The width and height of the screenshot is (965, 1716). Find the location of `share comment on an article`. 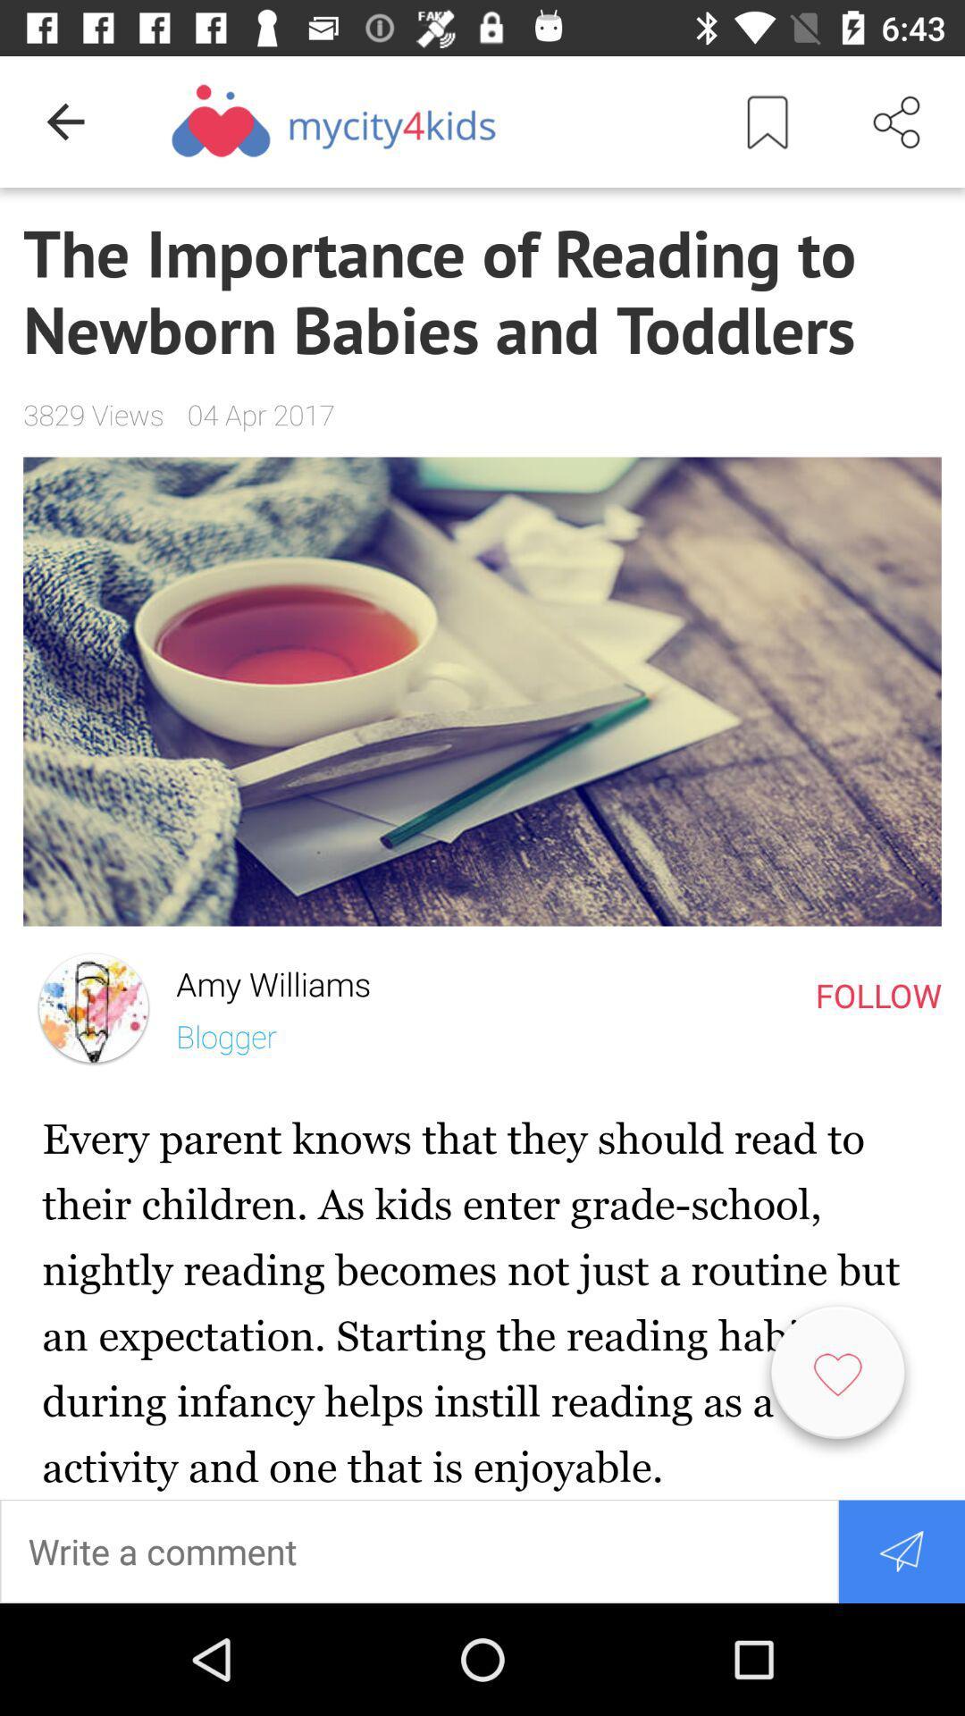

share comment on an article is located at coordinates (902, 1550).